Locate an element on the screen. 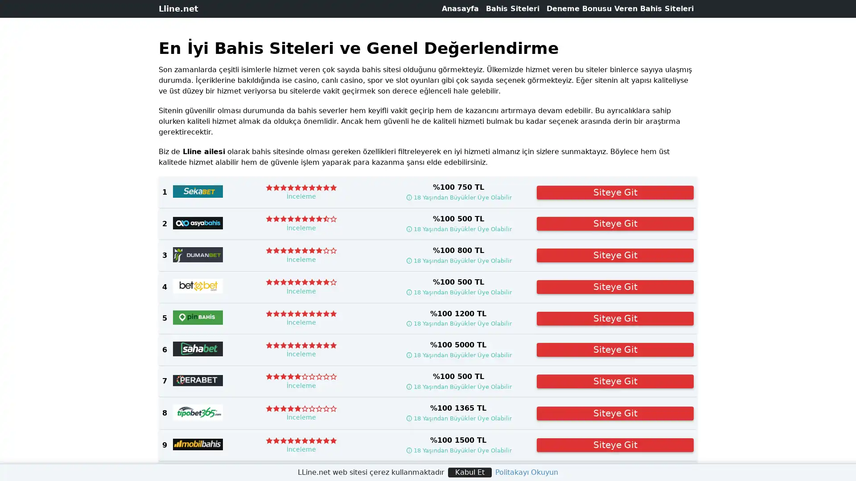  Load terms and conditions is located at coordinates (458, 354).